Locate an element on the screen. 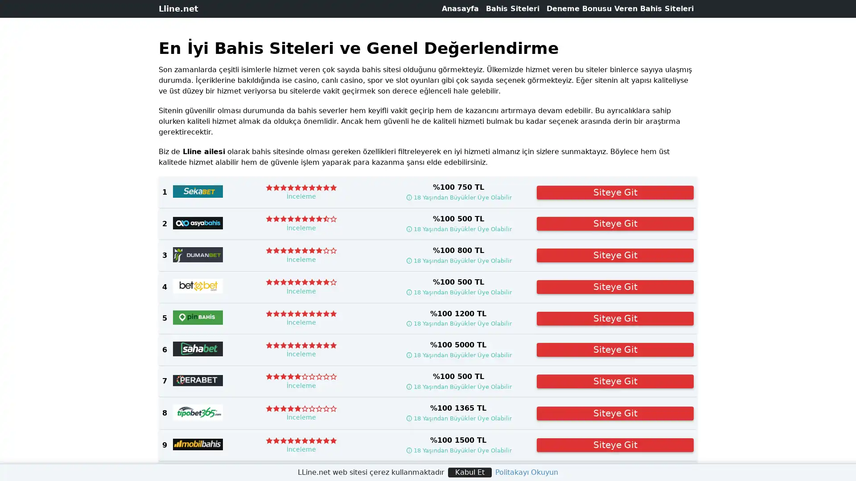  Load terms and conditions is located at coordinates (458, 354).